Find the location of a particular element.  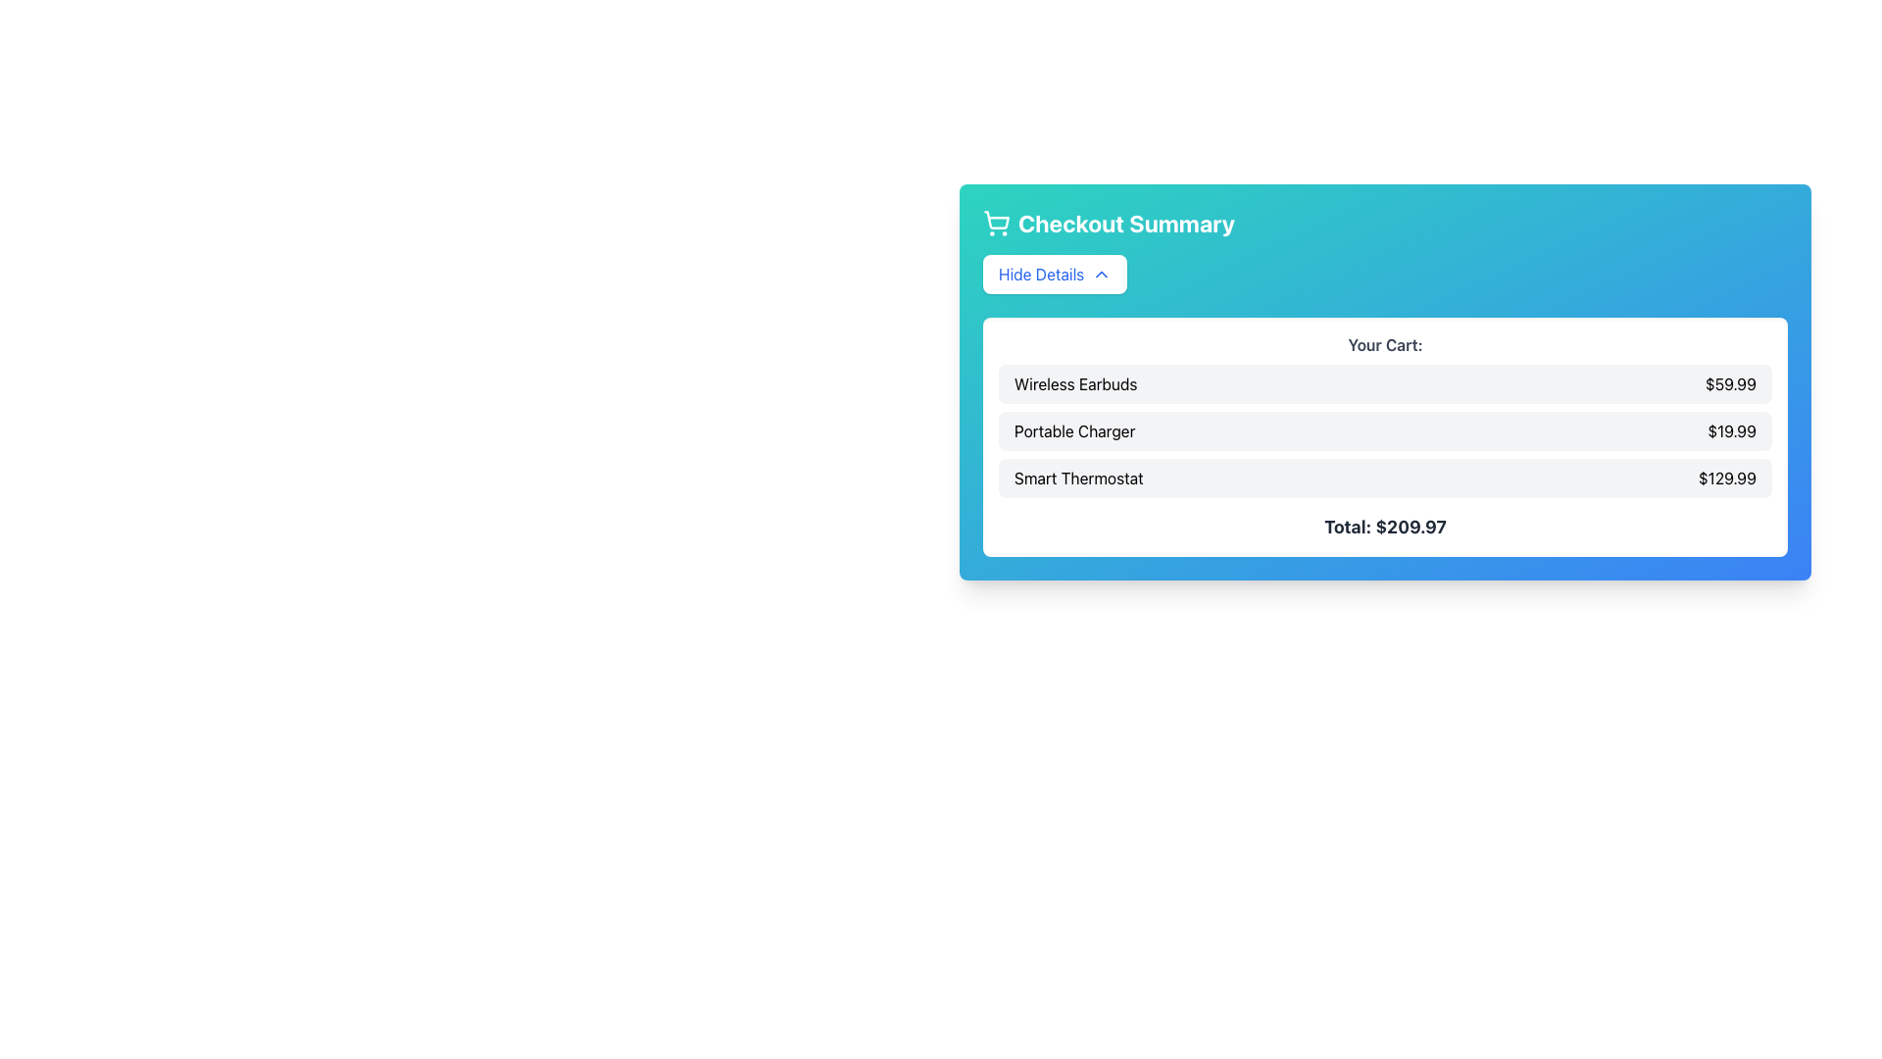

the total sum Text Label in the 'Your Cart' section, which displays the total cost of items in the cart is located at coordinates (1384, 526).